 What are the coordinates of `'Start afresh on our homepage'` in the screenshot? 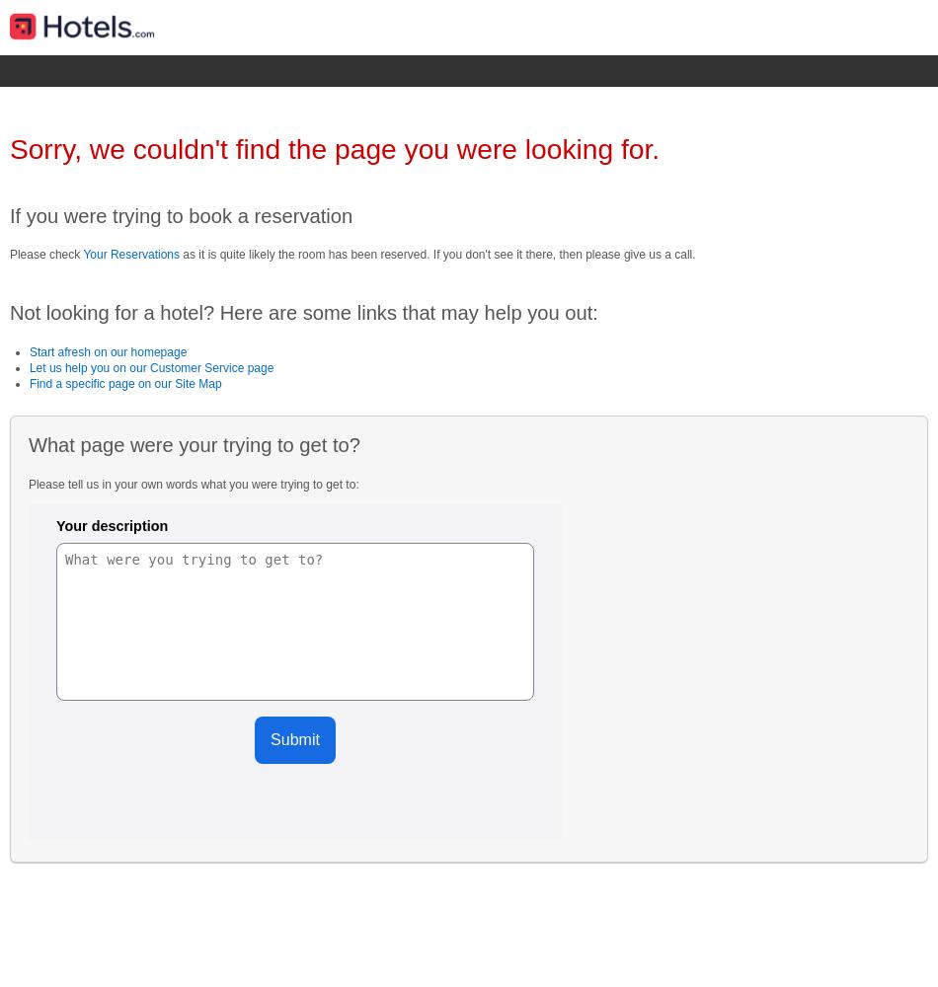 It's located at (28, 350).